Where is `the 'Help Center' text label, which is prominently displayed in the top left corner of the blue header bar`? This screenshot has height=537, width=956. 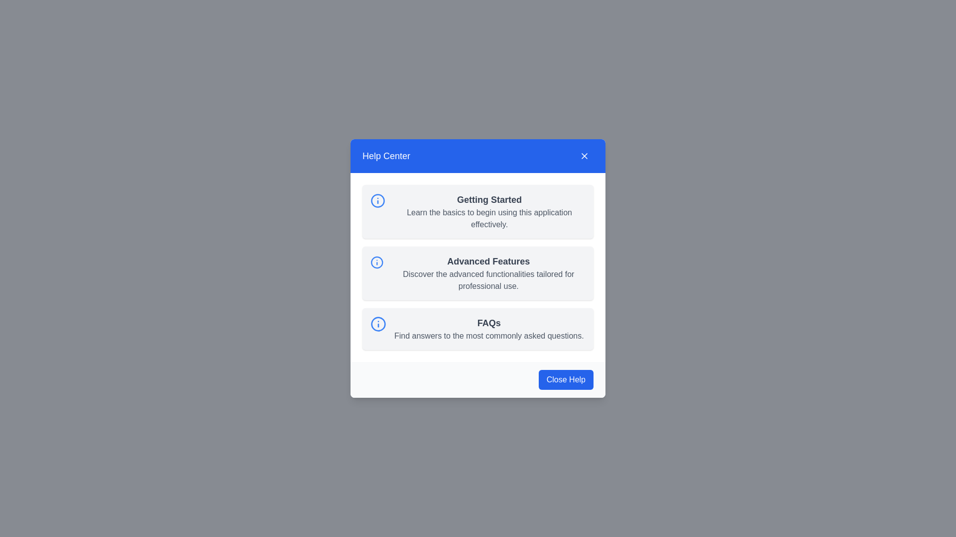 the 'Help Center' text label, which is prominently displayed in the top left corner of the blue header bar is located at coordinates (386, 156).